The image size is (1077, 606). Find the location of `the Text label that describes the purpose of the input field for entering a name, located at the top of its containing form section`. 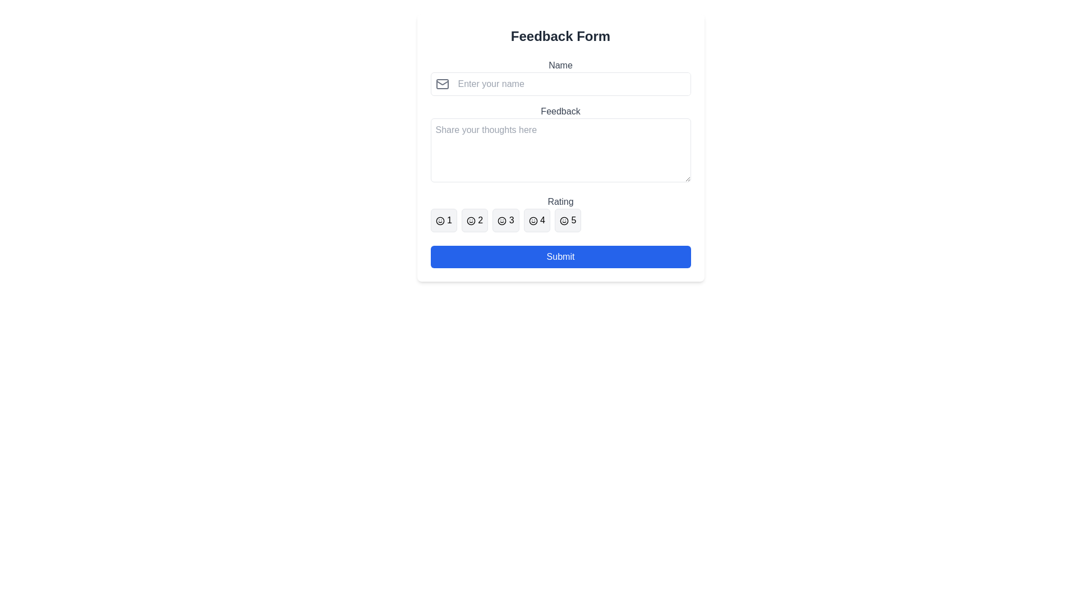

the Text label that describes the purpose of the input field for entering a name, located at the top of its containing form section is located at coordinates (560, 65).